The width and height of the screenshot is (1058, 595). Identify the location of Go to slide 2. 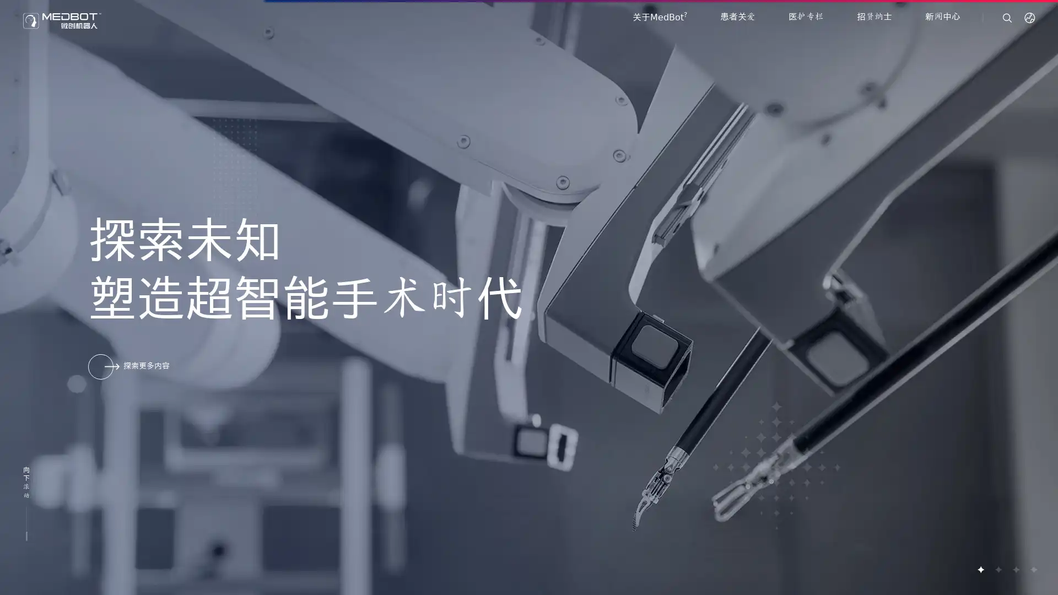
(997, 569).